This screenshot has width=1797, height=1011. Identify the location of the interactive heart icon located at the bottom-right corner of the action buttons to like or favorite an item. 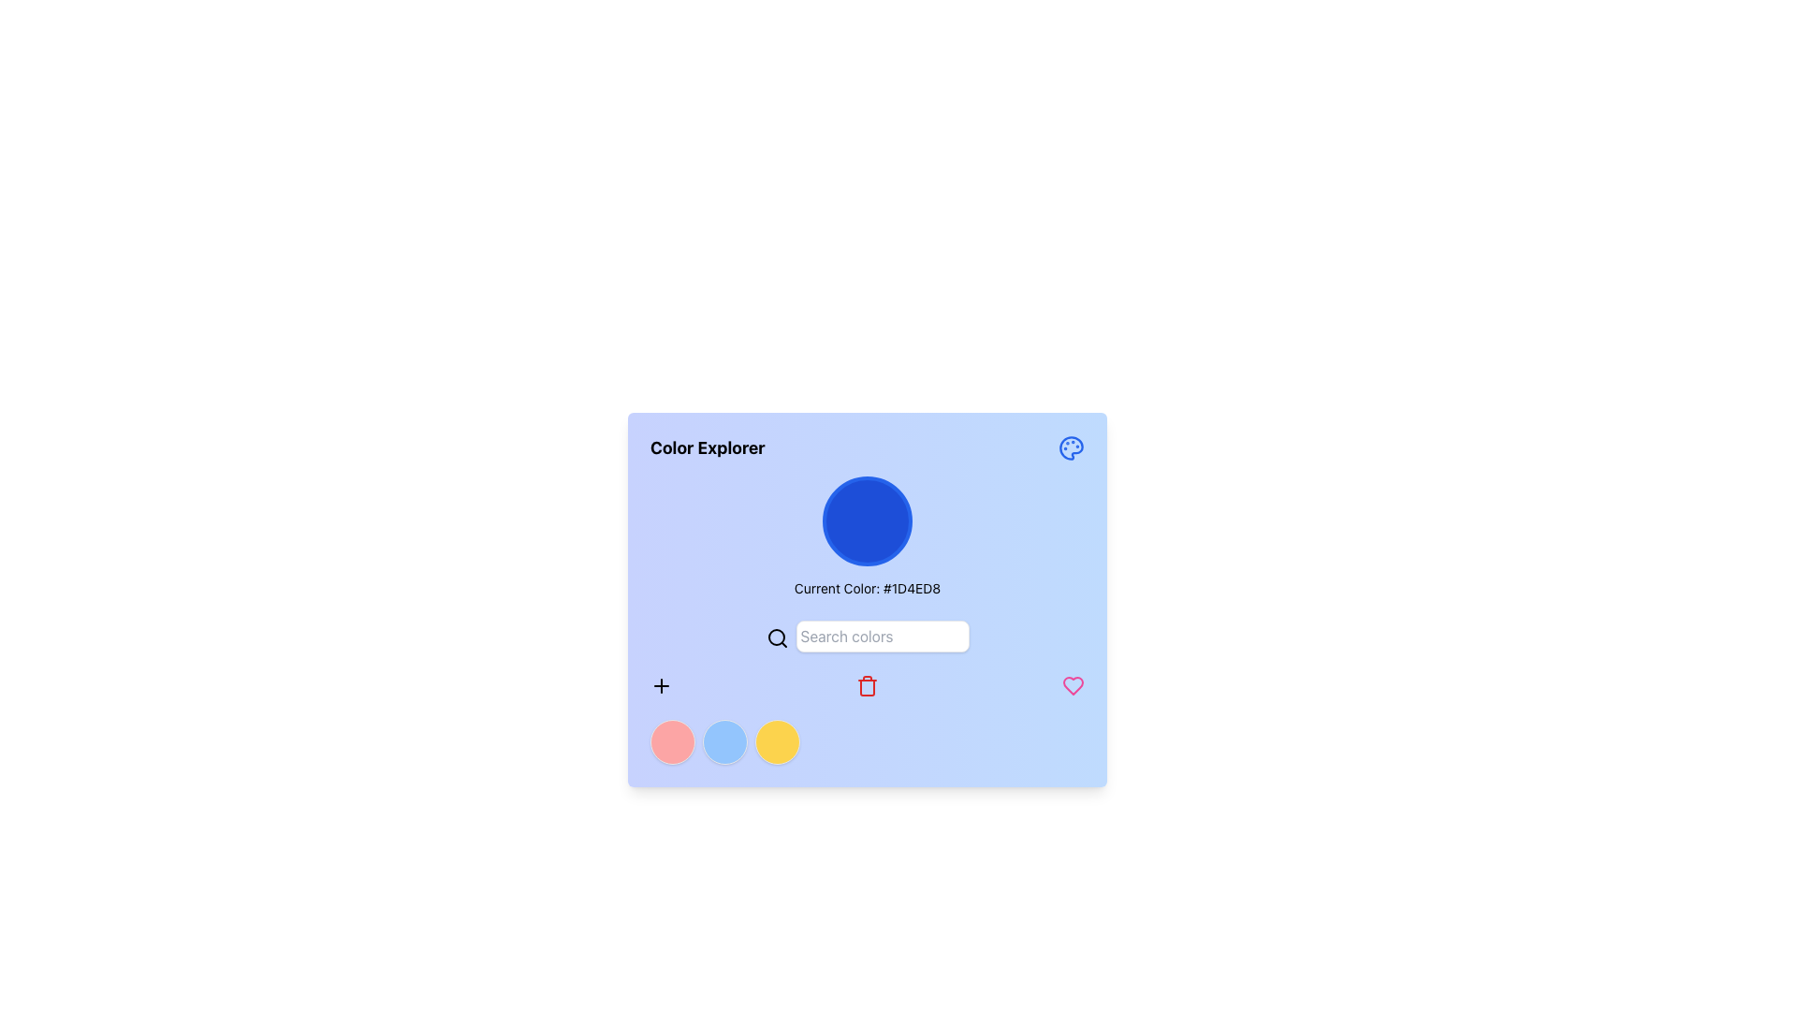
(1074, 685).